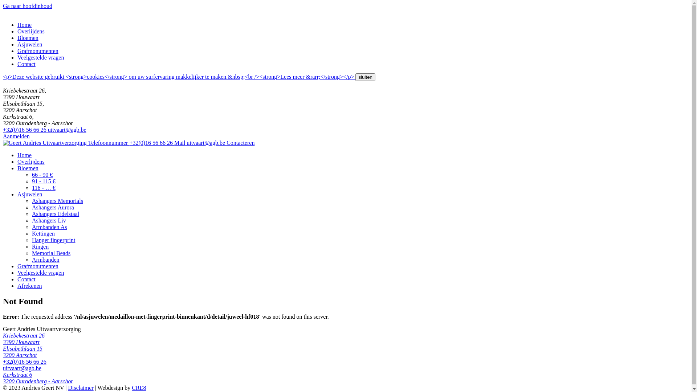  Describe the element at coordinates (24, 24) in the screenshot. I see `'Home'` at that location.